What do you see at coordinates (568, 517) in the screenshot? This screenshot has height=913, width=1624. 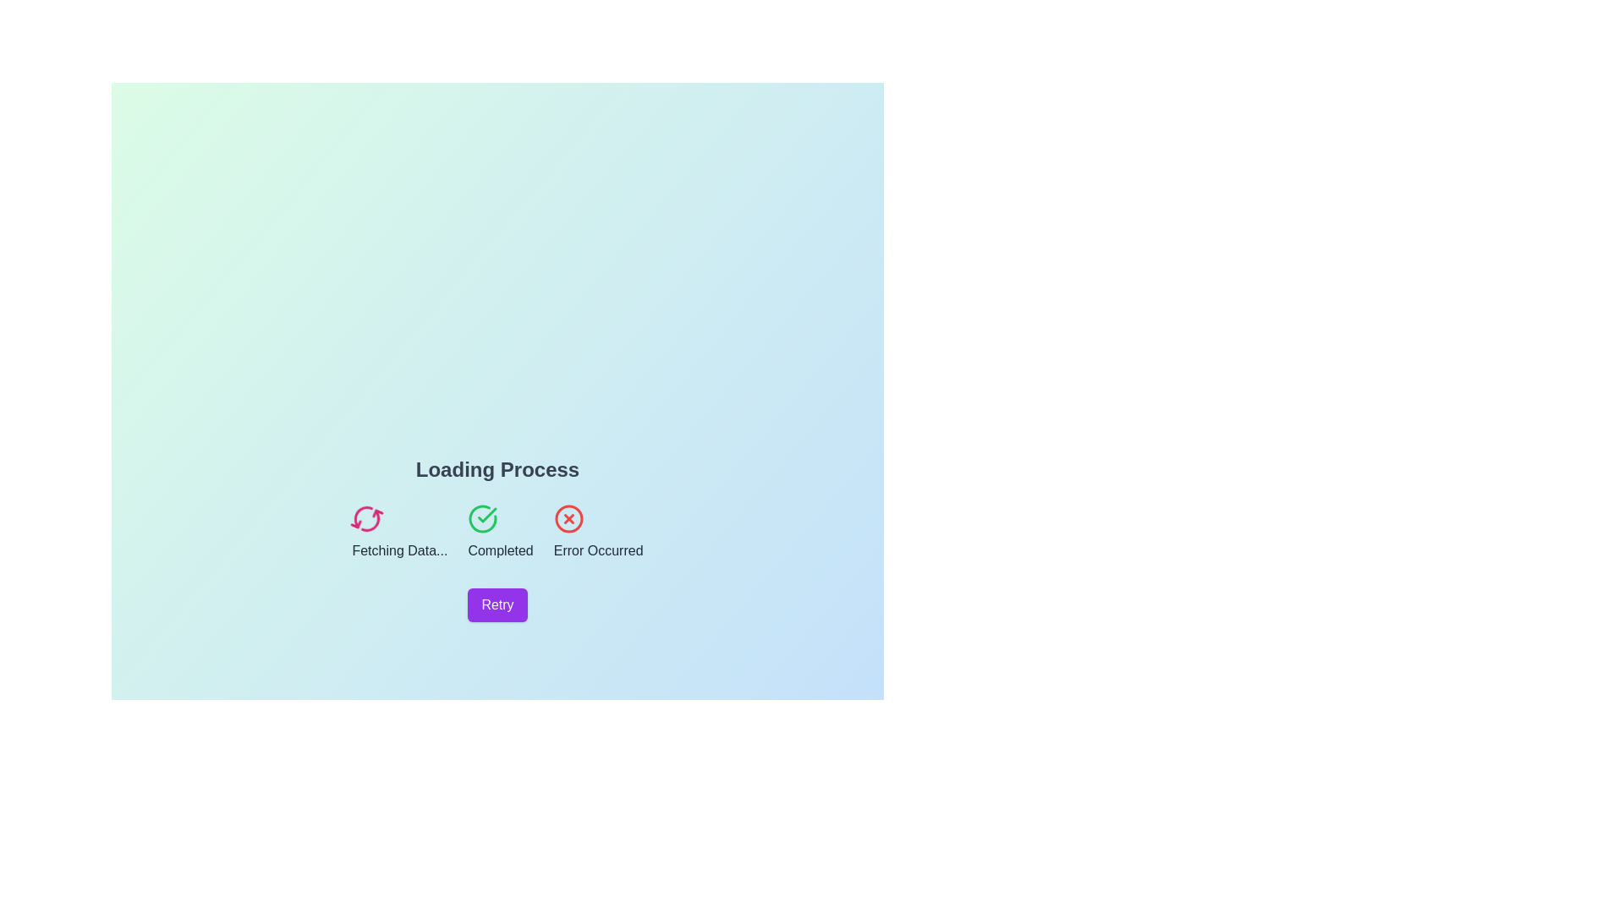 I see `the error state icon in the loading process, positioned under 'Loading Process' and above the 'Retry' button` at bounding box center [568, 517].